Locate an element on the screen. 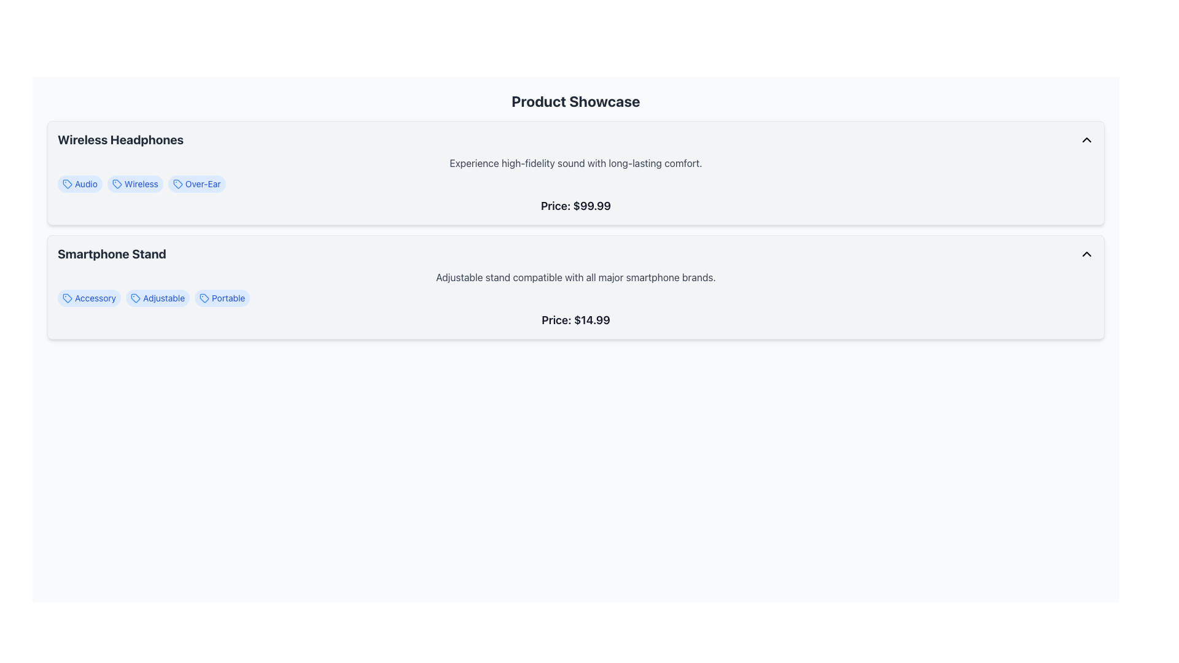 Image resolution: width=1179 pixels, height=663 pixels. the 'Accessory' visual icon representing the 'Smartphone Stand' product, which is the first tag below the title in the second section of the layout is located at coordinates (67, 298).